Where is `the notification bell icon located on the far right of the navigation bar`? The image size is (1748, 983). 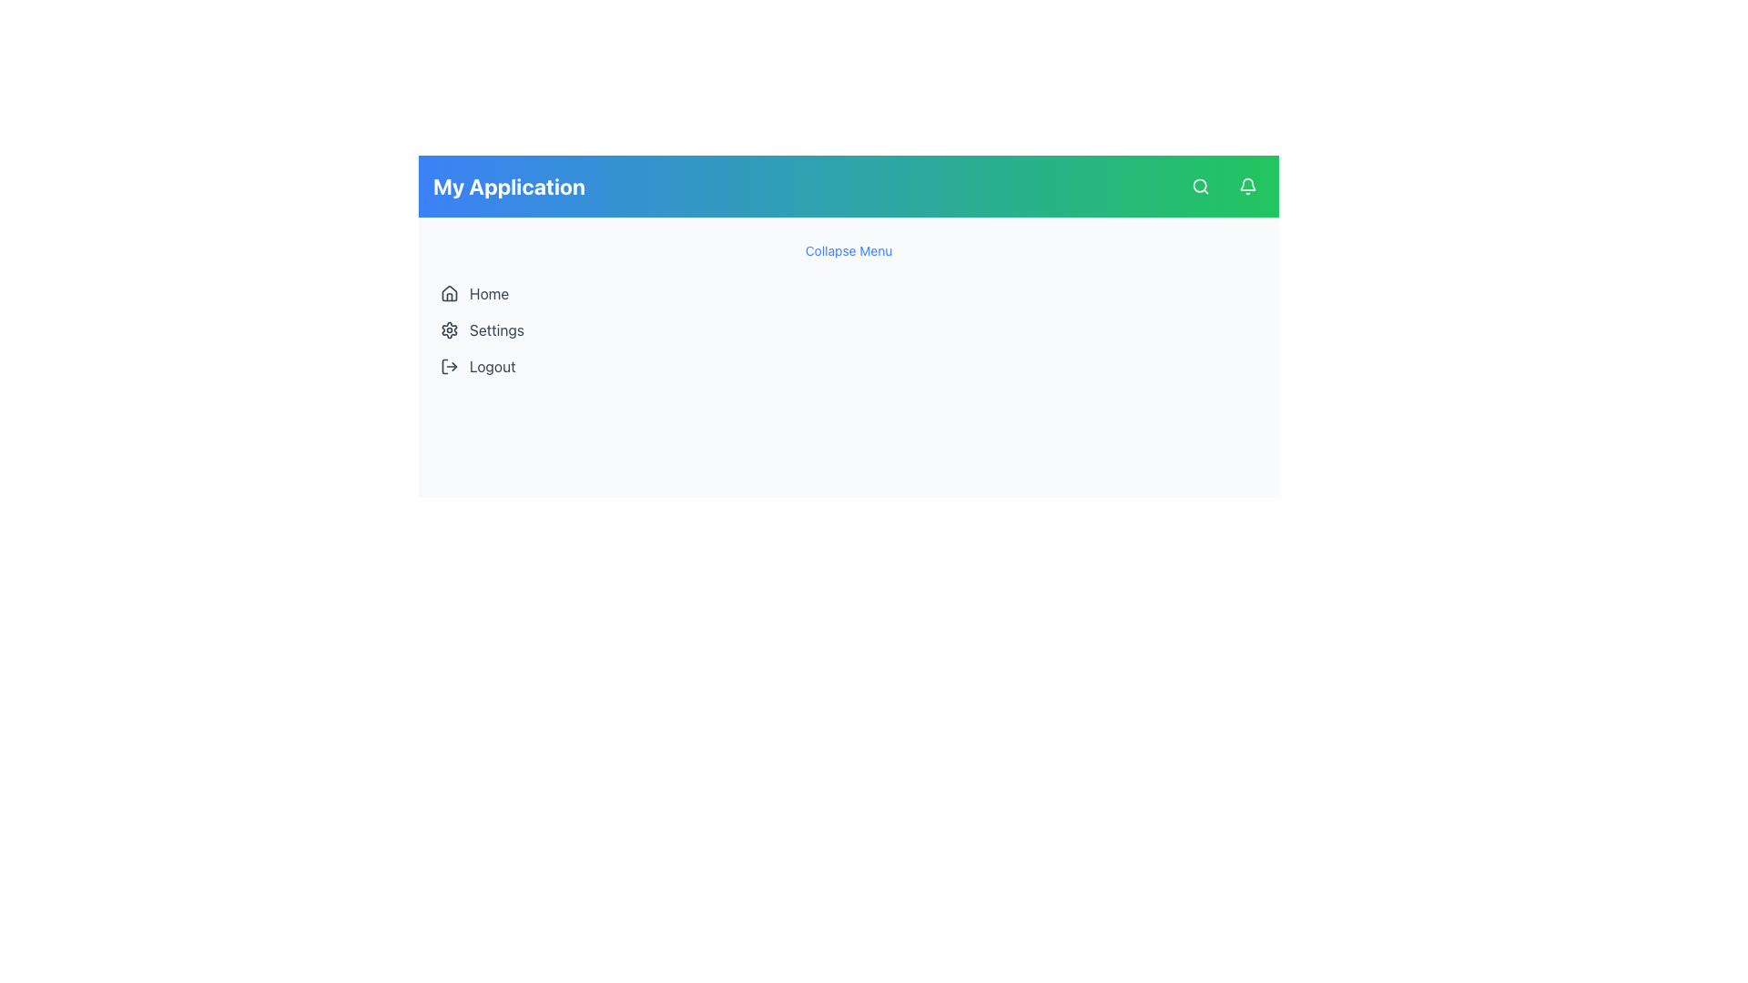
the notification bell icon located on the far right of the navigation bar is located at coordinates (1247, 186).